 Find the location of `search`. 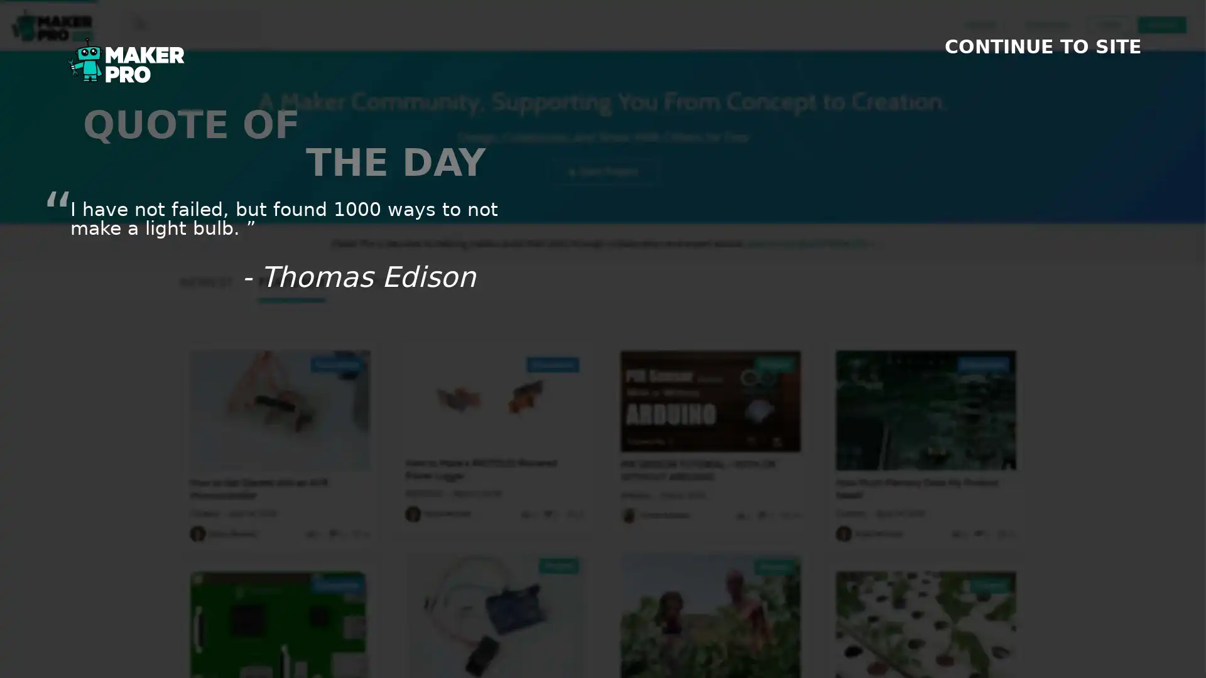

search is located at coordinates (131, 24).